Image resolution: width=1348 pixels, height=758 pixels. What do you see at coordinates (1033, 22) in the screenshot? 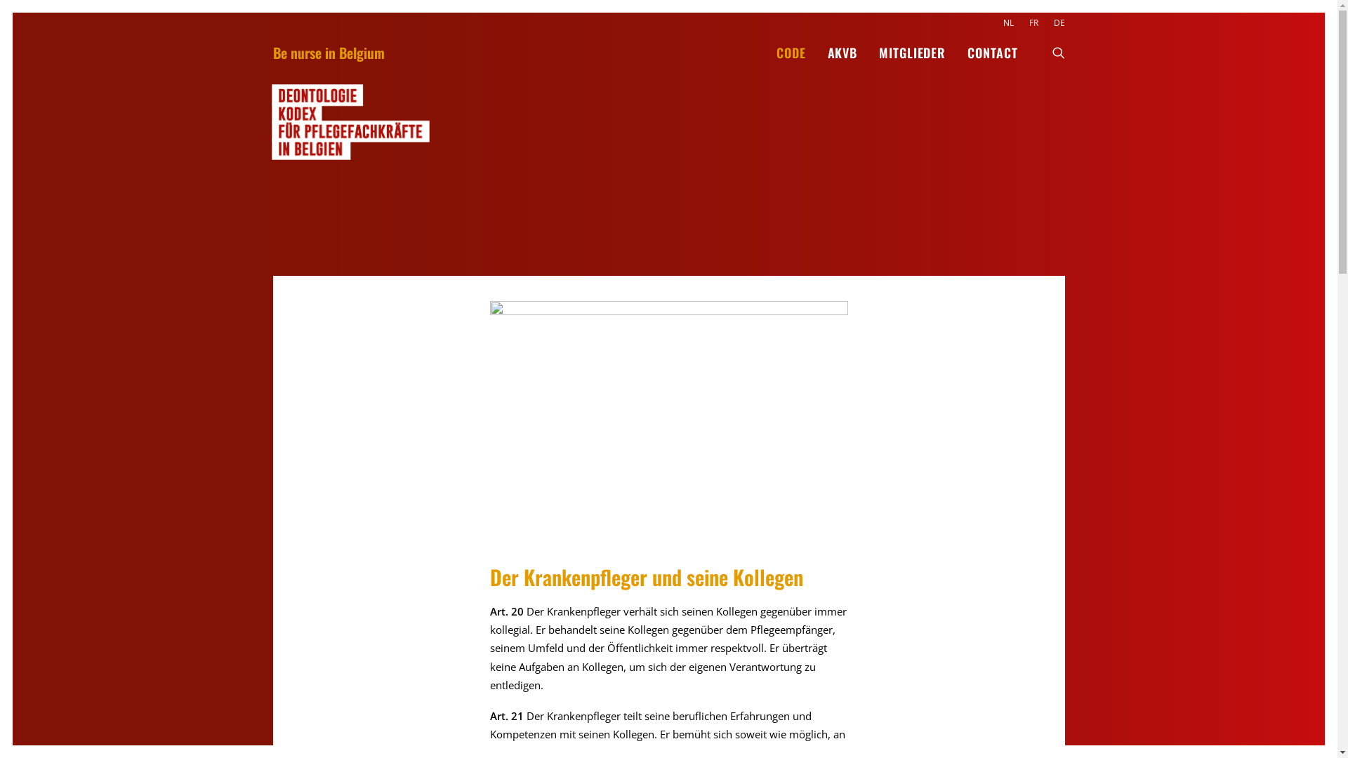
I see `'FR'` at bounding box center [1033, 22].